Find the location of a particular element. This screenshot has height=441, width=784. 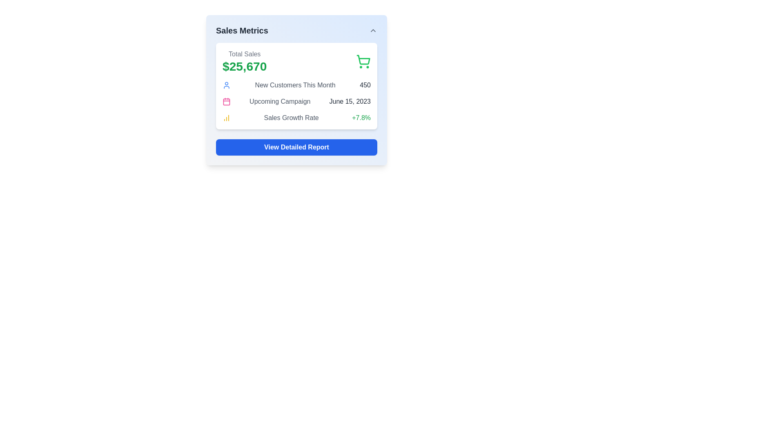

information displayed in the second row of the 'Sales Metrics' box, which indicates the number of new customers acquired during the current month is located at coordinates (296, 85).